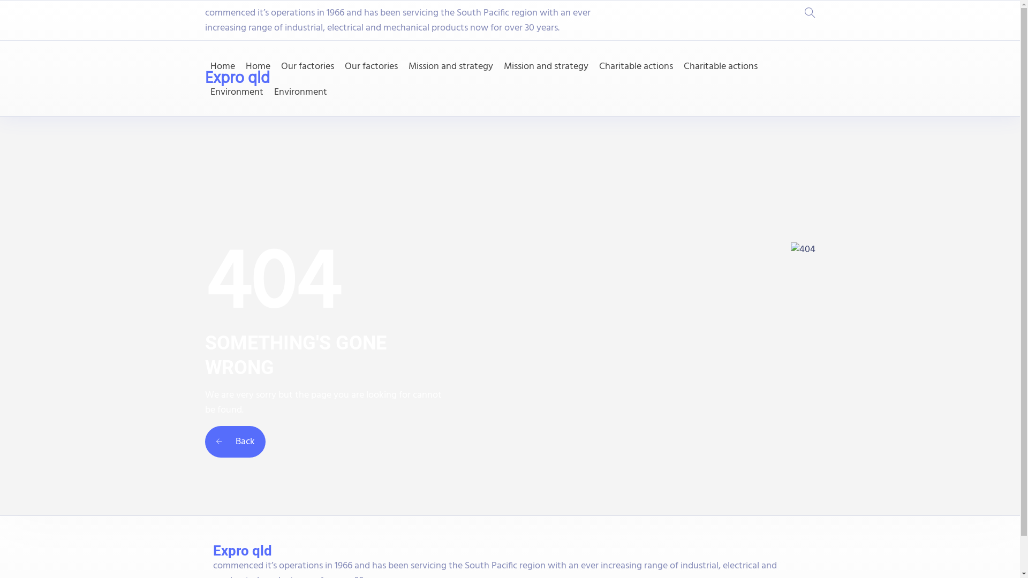  I want to click on 'Back', so click(205, 442).